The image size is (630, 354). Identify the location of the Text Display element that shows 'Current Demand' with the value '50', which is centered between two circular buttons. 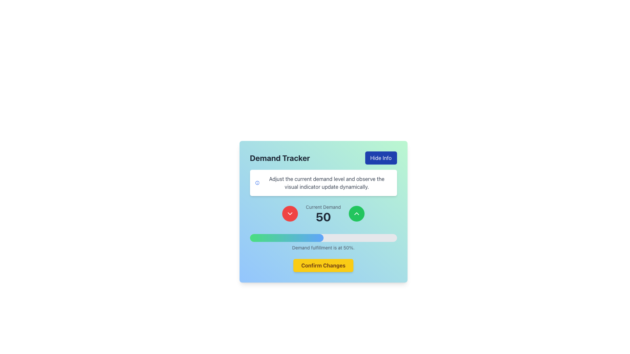
(323, 213).